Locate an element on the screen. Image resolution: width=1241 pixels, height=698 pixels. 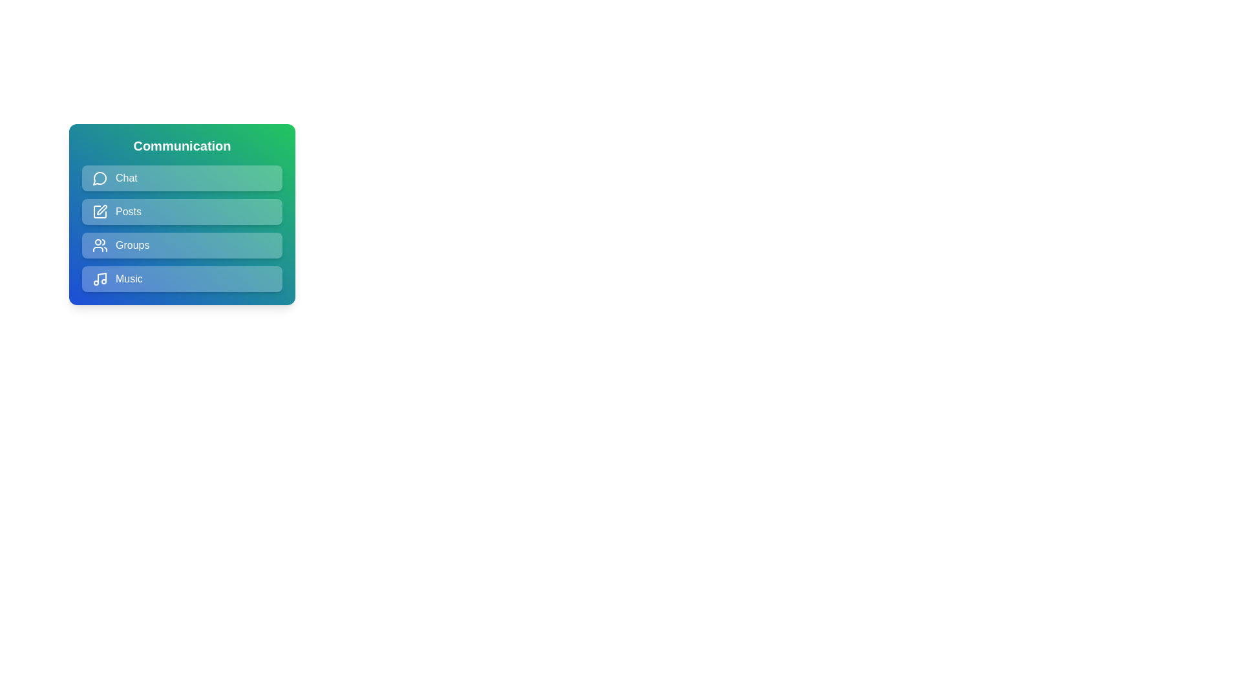
the icon associated with the Groups menu item is located at coordinates (99, 246).